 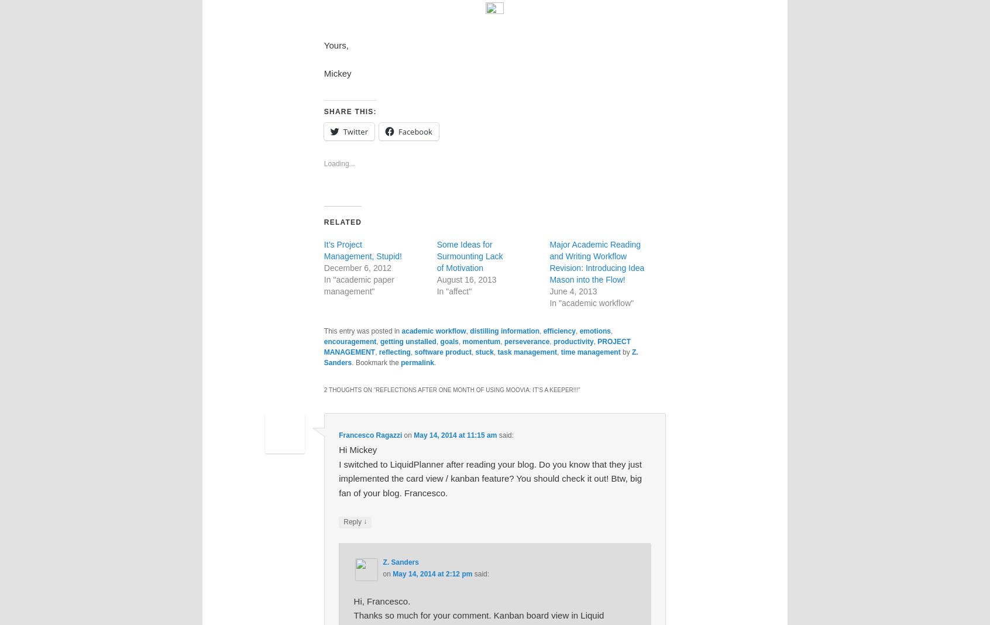 What do you see at coordinates (477, 346) in the screenshot?
I see `'PROJECT MANAGEMENT'` at bounding box center [477, 346].